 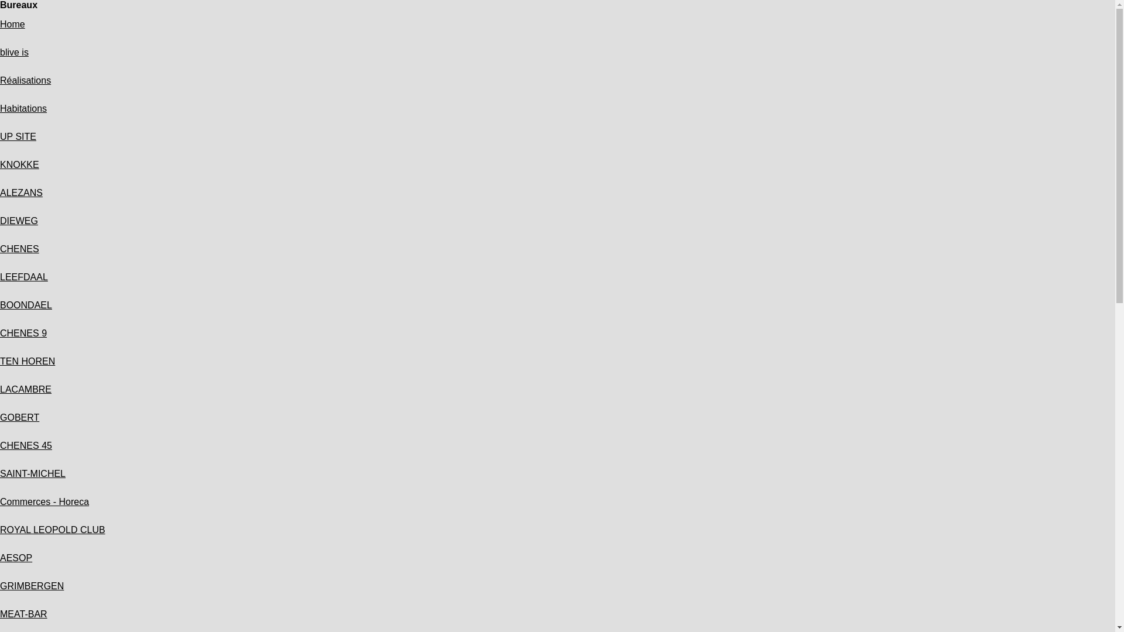 I want to click on 'UP SITE', so click(x=18, y=136).